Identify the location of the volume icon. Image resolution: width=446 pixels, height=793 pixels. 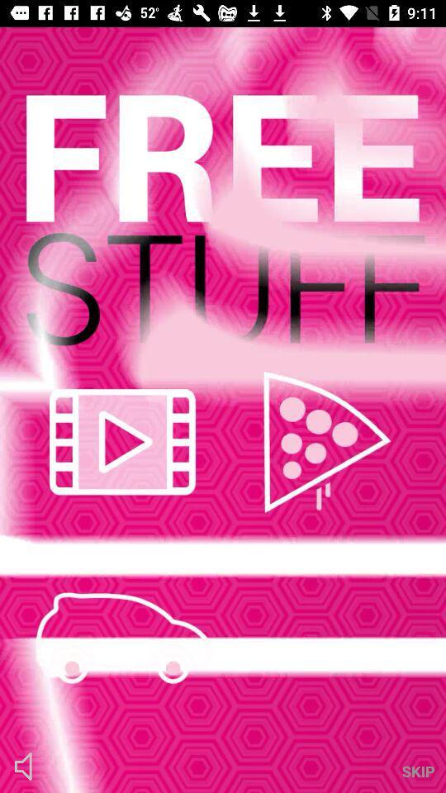
(26, 767).